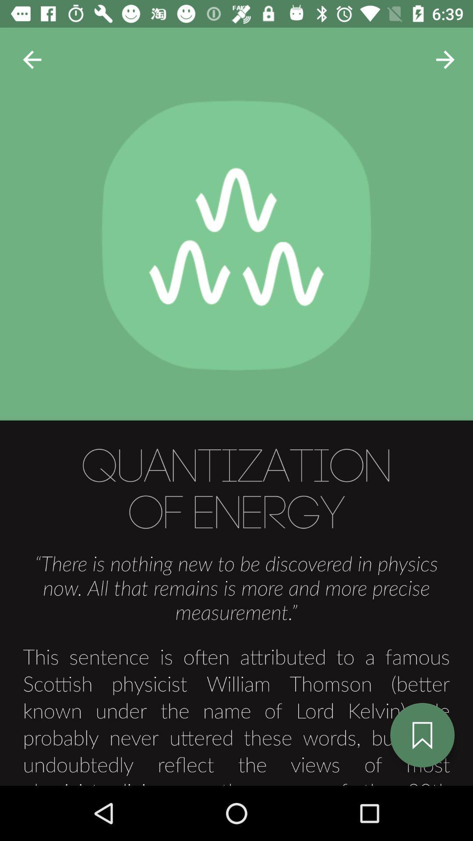 The width and height of the screenshot is (473, 841). I want to click on go back, so click(32, 59).